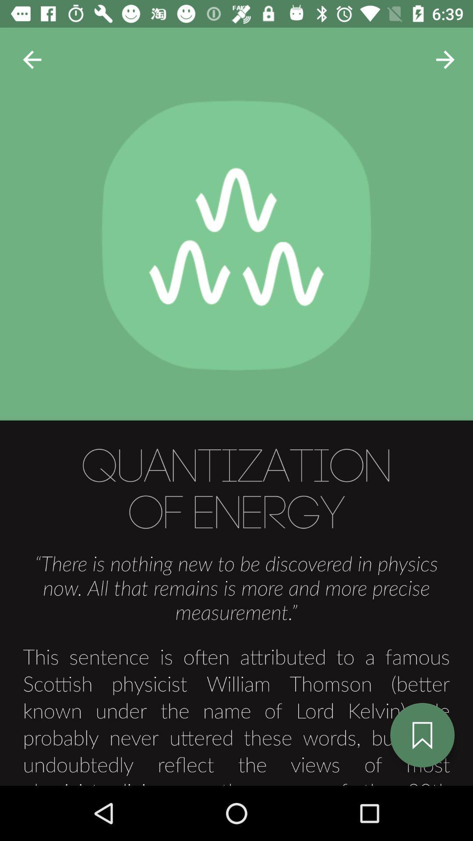 The width and height of the screenshot is (473, 841). I want to click on go back, so click(32, 59).